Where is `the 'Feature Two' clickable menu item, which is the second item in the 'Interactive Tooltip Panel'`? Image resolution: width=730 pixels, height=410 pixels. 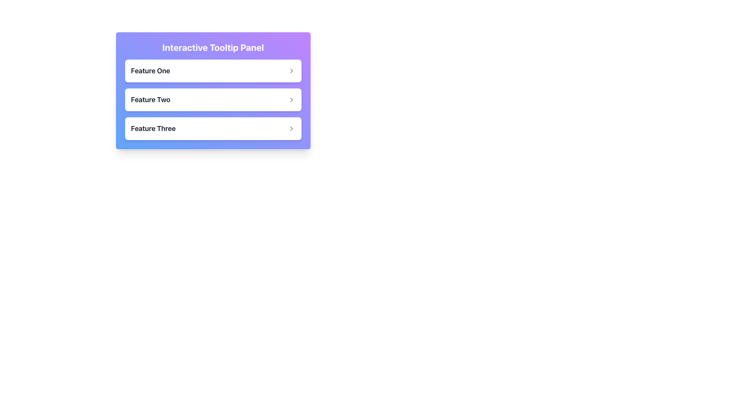
the 'Feature Two' clickable menu item, which is the second item in the 'Interactive Tooltip Panel' is located at coordinates (213, 99).